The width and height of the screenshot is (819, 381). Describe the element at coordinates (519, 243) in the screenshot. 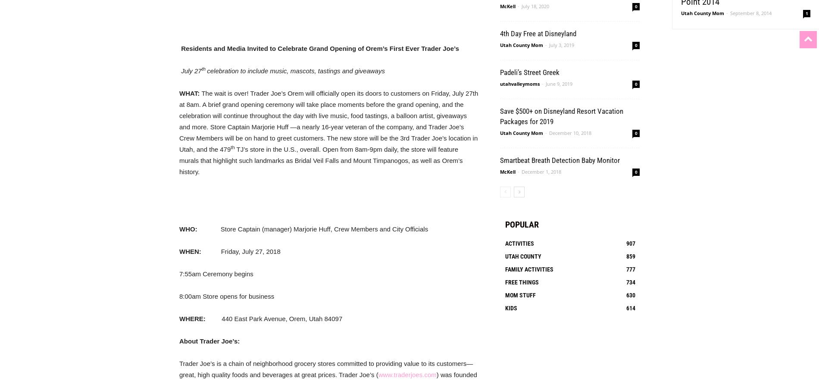

I see `'Activities'` at that location.